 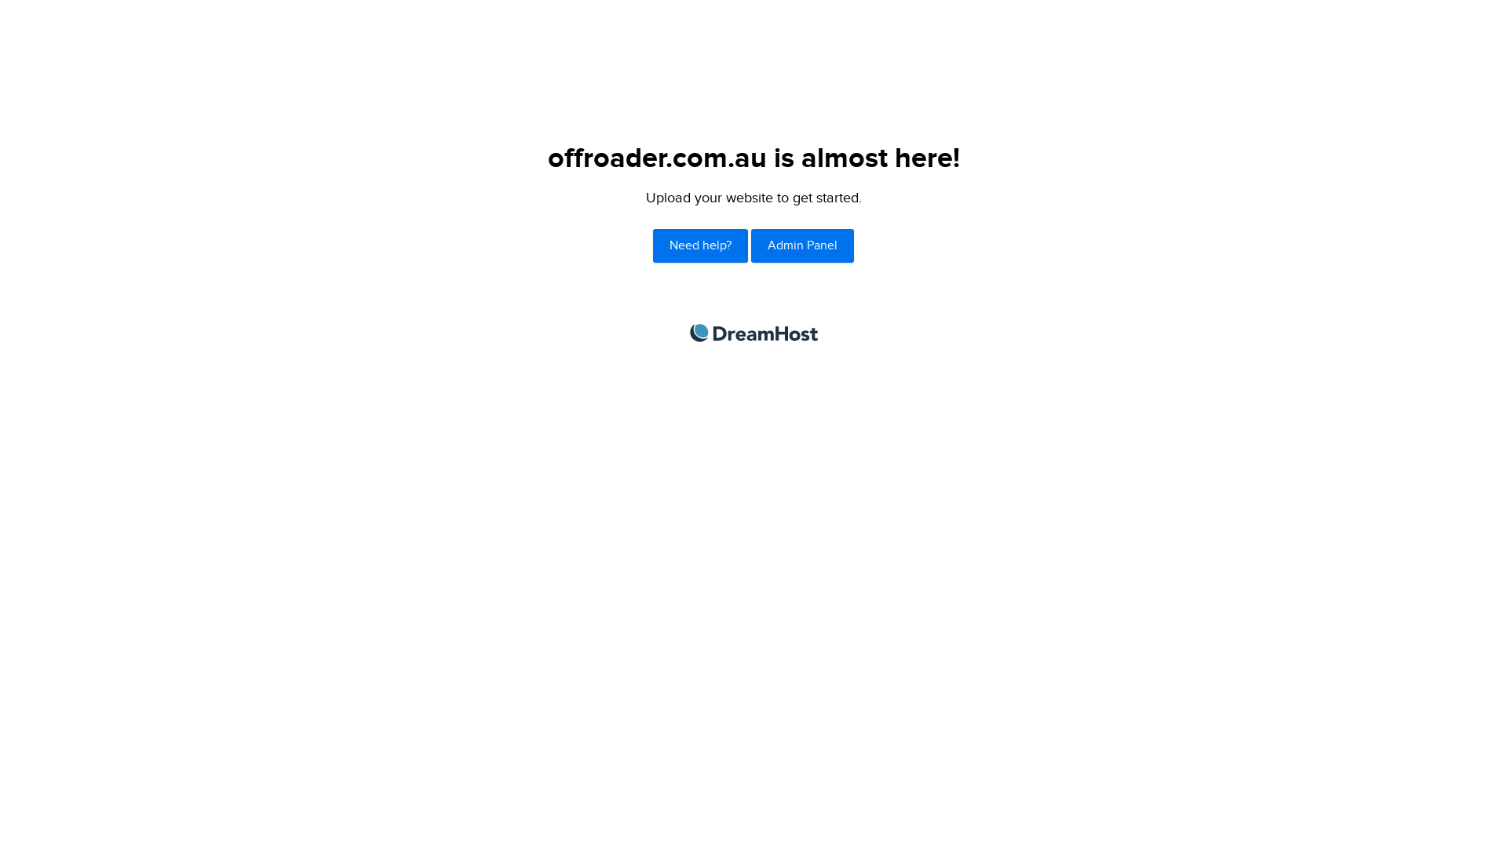 What do you see at coordinates (652, 245) in the screenshot?
I see `'Need help?'` at bounding box center [652, 245].